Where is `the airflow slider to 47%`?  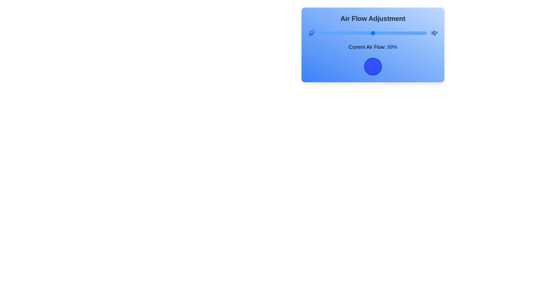 the airflow slider to 47% is located at coordinates (370, 33).